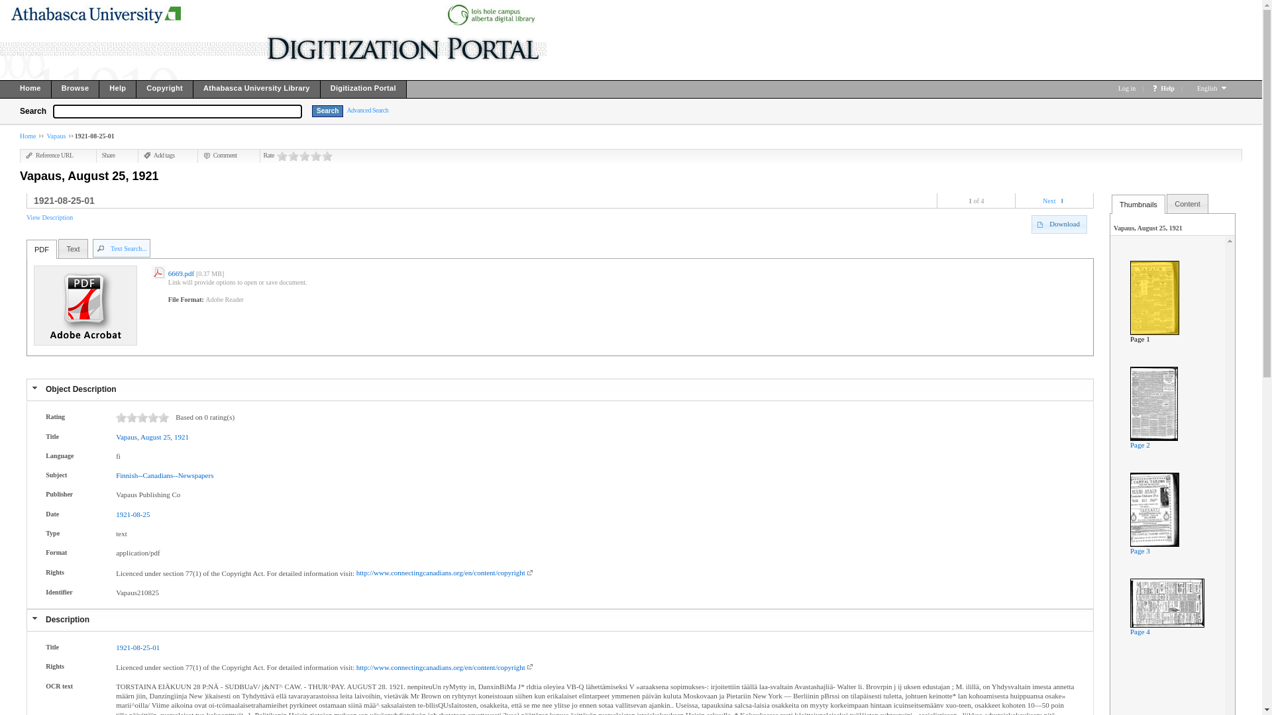  What do you see at coordinates (367, 109) in the screenshot?
I see `'Advanced Search'` at bounding box center [367, 109].